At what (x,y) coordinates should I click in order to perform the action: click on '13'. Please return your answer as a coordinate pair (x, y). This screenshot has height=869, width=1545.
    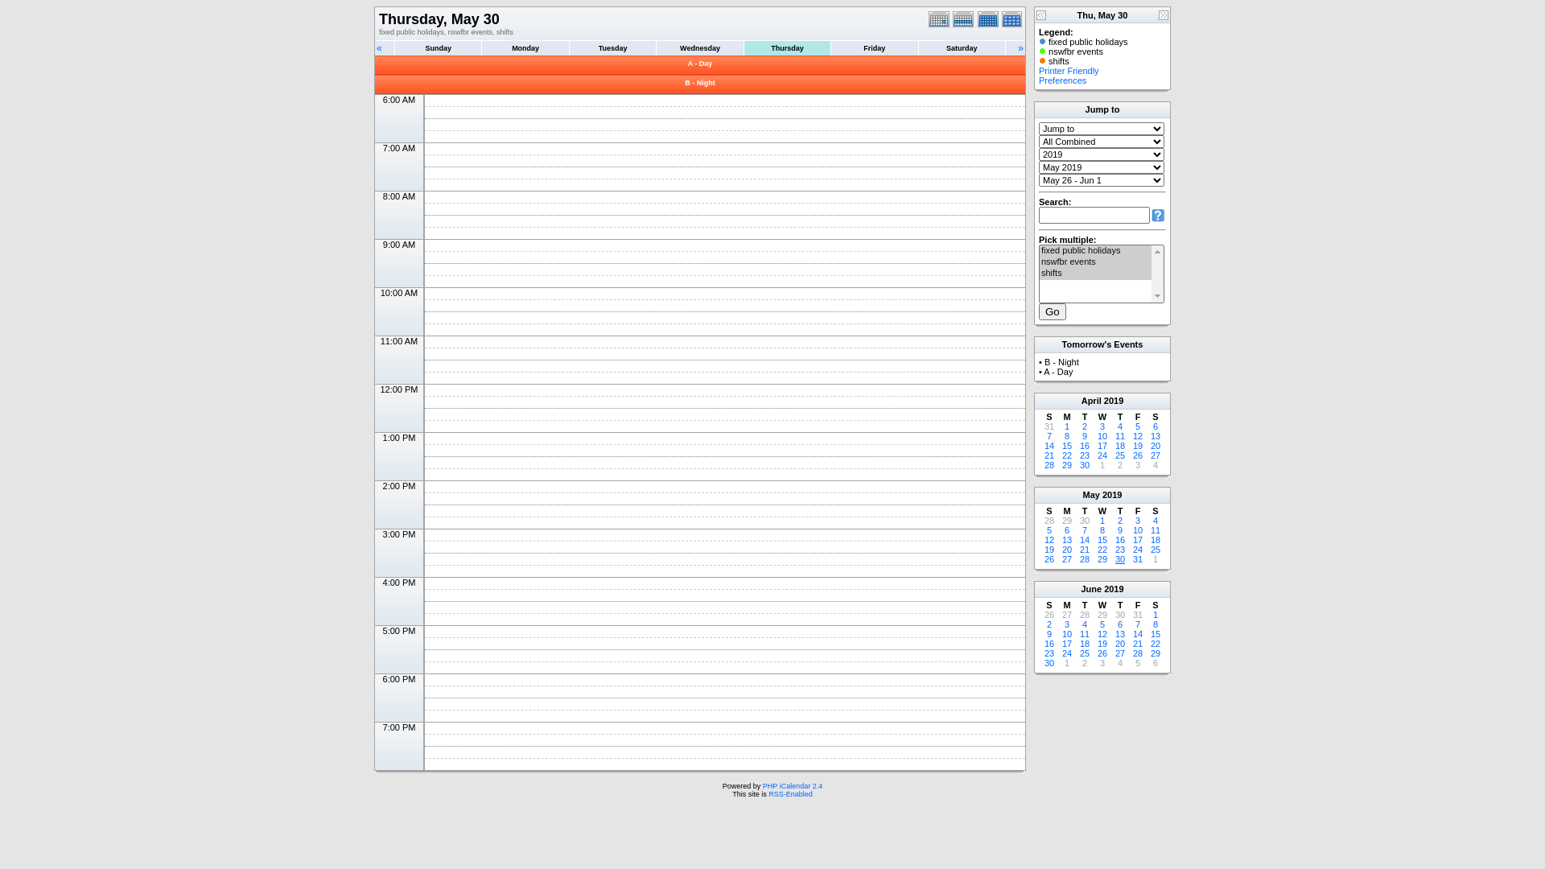
    Looking at the image, I should click on (1066, 540).